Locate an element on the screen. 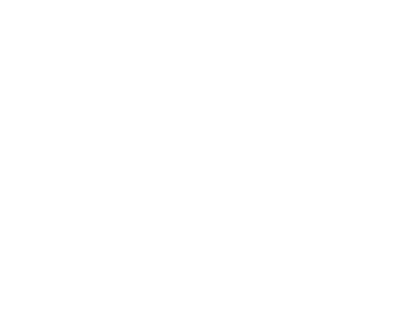 The height and width of the screenshot is (335, 418). 'Quality Standards' is located at coordinates (336, 32).